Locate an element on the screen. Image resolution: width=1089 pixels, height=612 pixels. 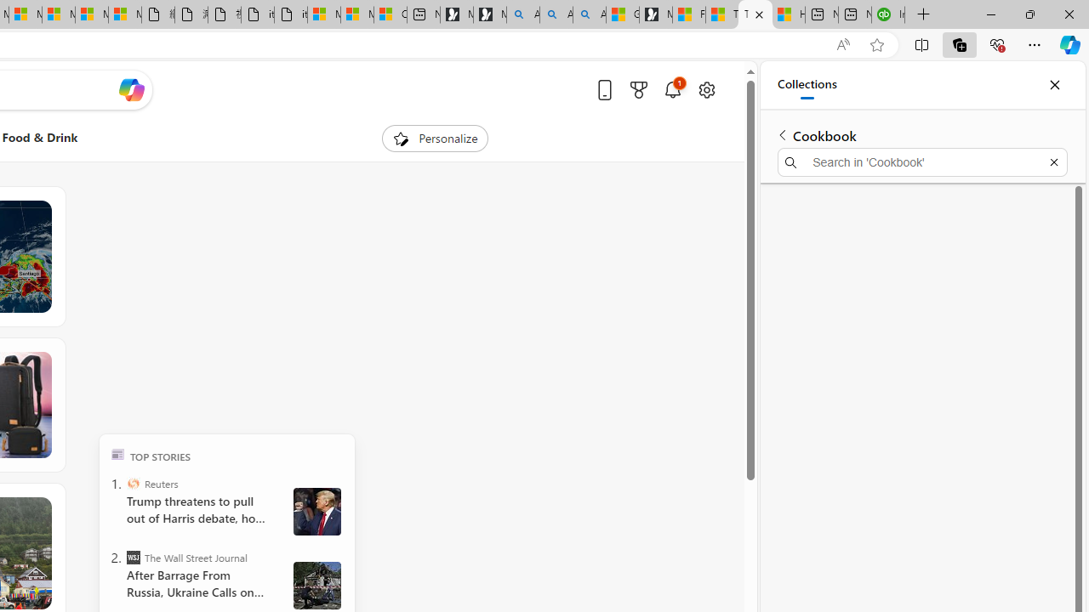
'Reuters' is located at coordinates (132, 483).